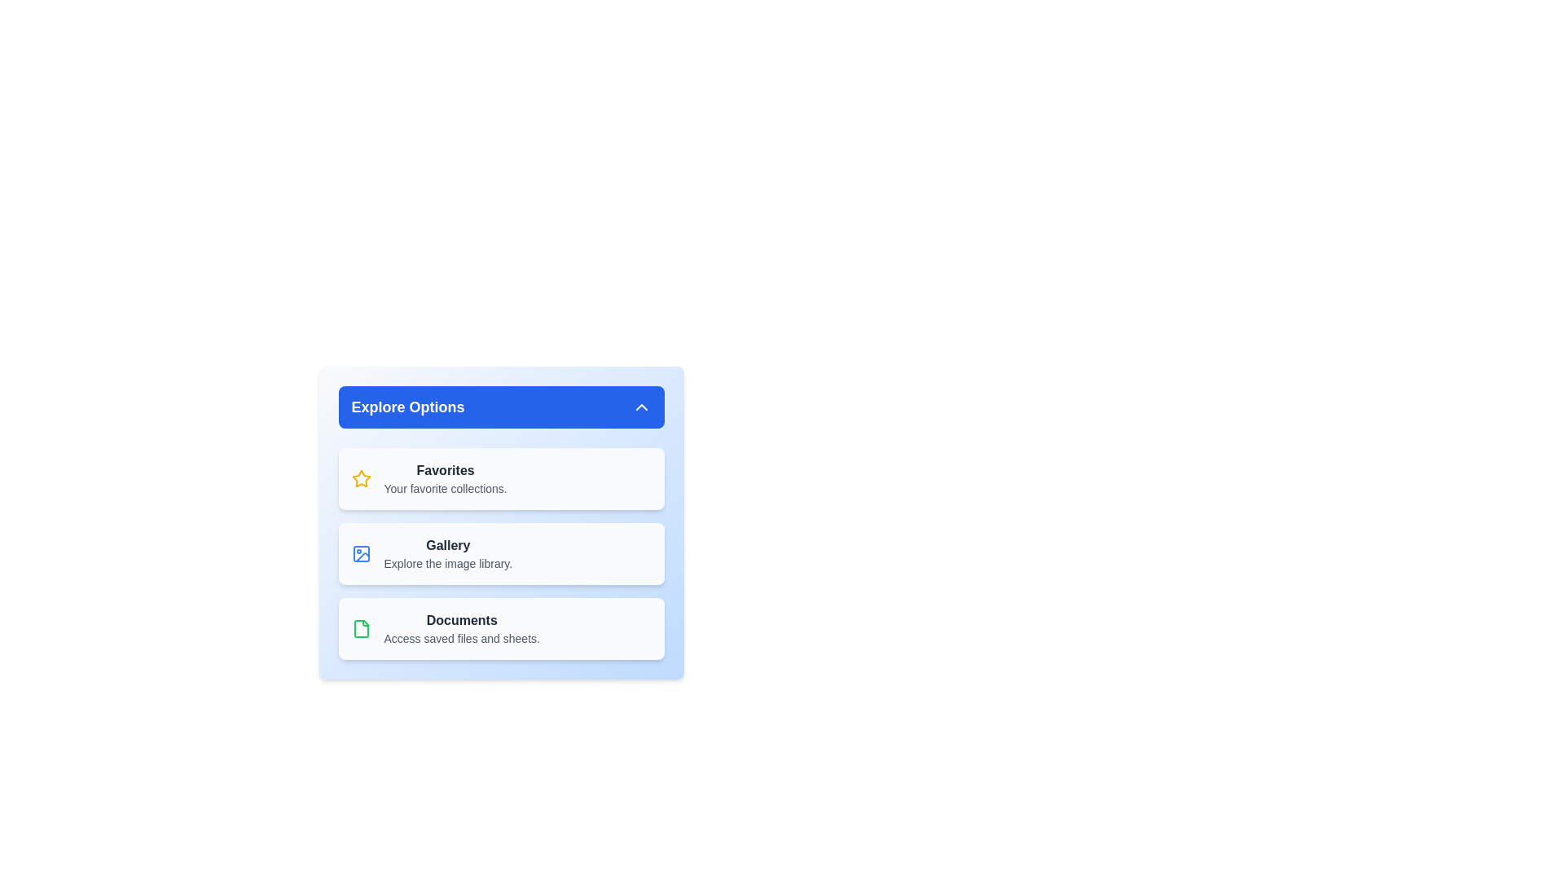 This screenshot has width=1564, height=880. Describe the element at coordinates (360, 627) in the screenshot. I see `the 'Documents' button which is represented by a green outlined file icon located at the bottom section of the dropdown menu under the 'Documents' option` at that location.